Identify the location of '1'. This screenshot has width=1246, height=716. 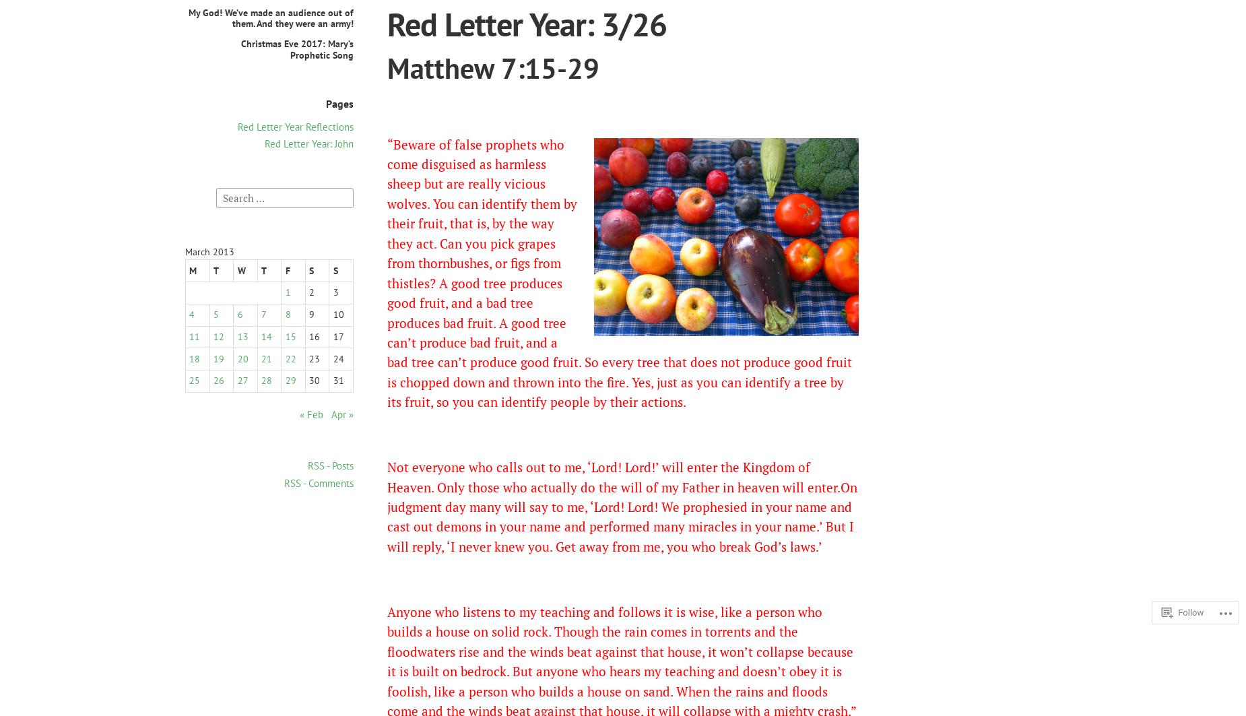
(286, 292).